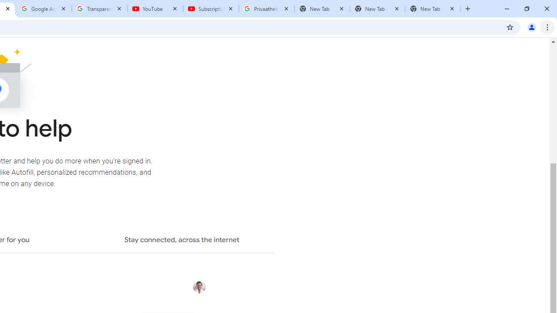 The image size is (557, 313). Describe the element at coordinates (433, 9) in the screenshot. I see `'New Tab'` at that location.